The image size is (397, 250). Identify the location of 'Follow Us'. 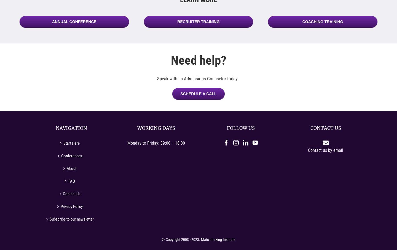
(240, 128).